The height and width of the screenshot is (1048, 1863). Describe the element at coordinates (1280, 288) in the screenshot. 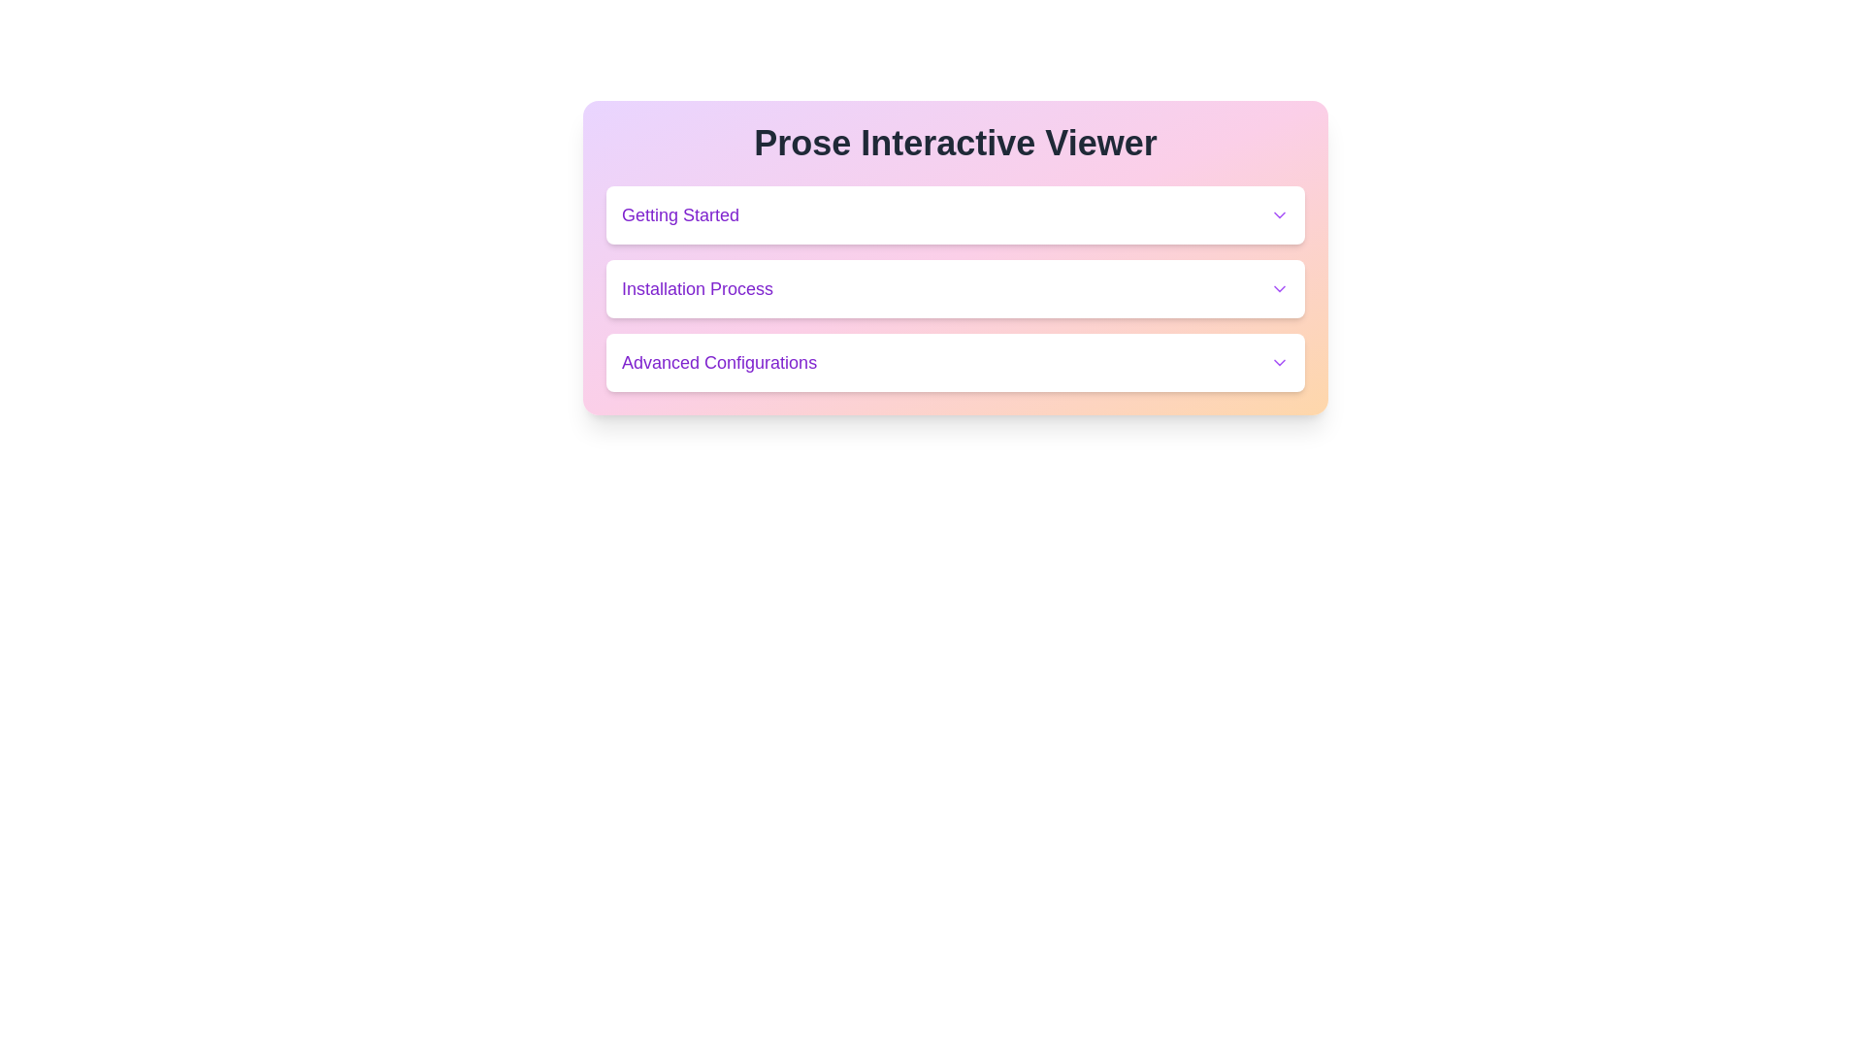

I see `the downward-pointing purple chevron icon, which indicates a dropdown for the 'Installation Process' section` at that location.